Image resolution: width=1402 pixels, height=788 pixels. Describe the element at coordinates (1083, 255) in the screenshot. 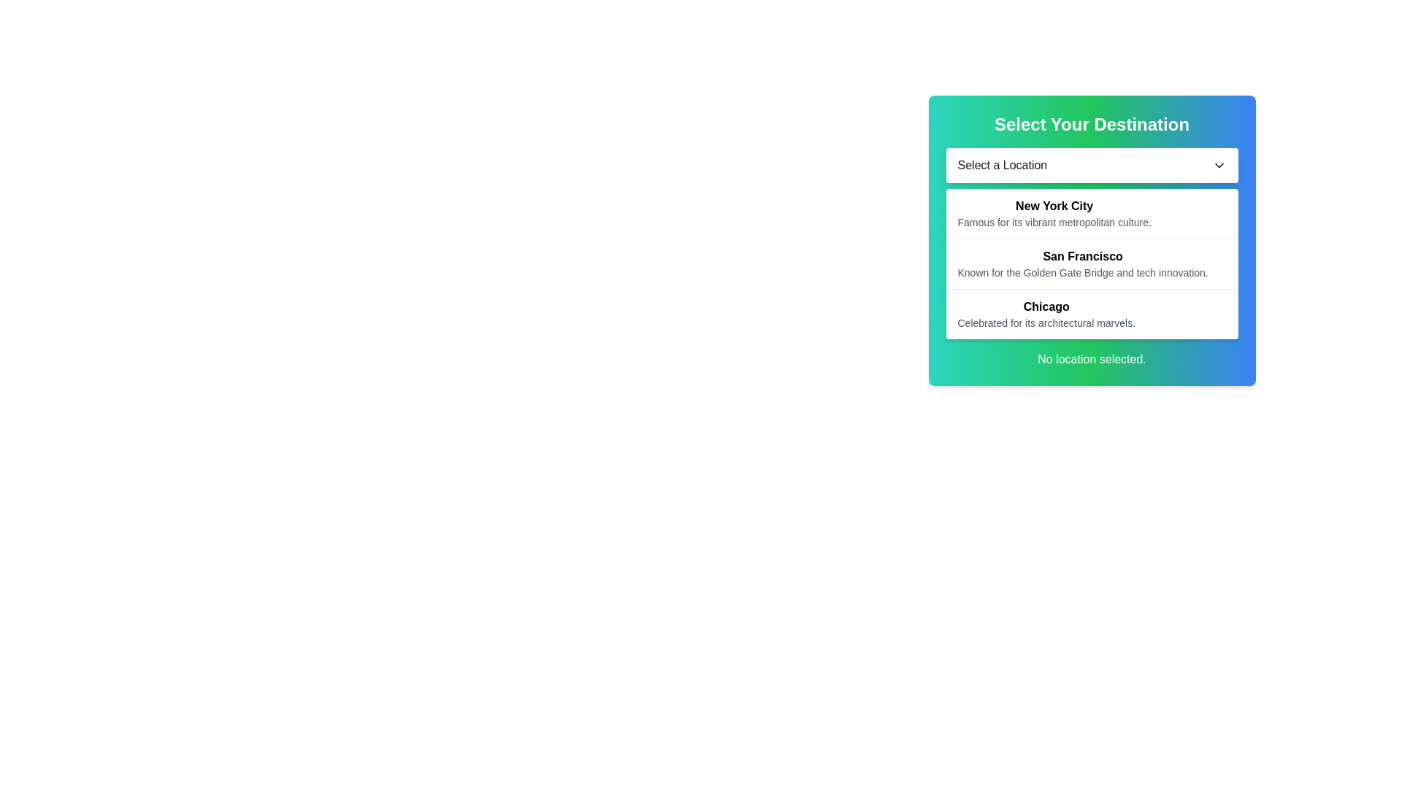

I see `the bold text label 'San Francisco' which is situated above the descriptive text and below 'New York City' in the vertical list of location options` at that location.